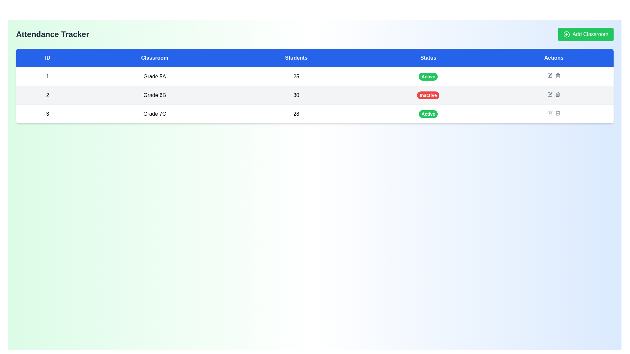 Image resolution: width=630 pixels, height=354 pixels. What do you see at coordinates (557, 112) in the screenshot?
I see `the trash can icon in the 'Actions' column of the table for the 'Grade 7C' classroom` at bounding box center [557, 112].